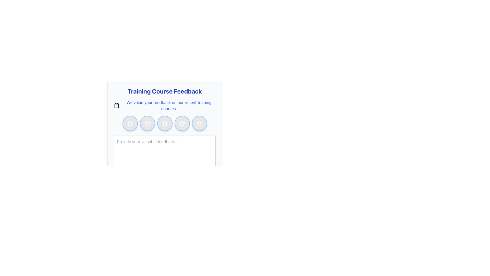 This screenshot has height=276, width=490. Describe the element at coordinates (165, 153) in the screenshot. I see `inside the multiline textarea characterized by rounded corners and a light gray border to focus it` at that location.